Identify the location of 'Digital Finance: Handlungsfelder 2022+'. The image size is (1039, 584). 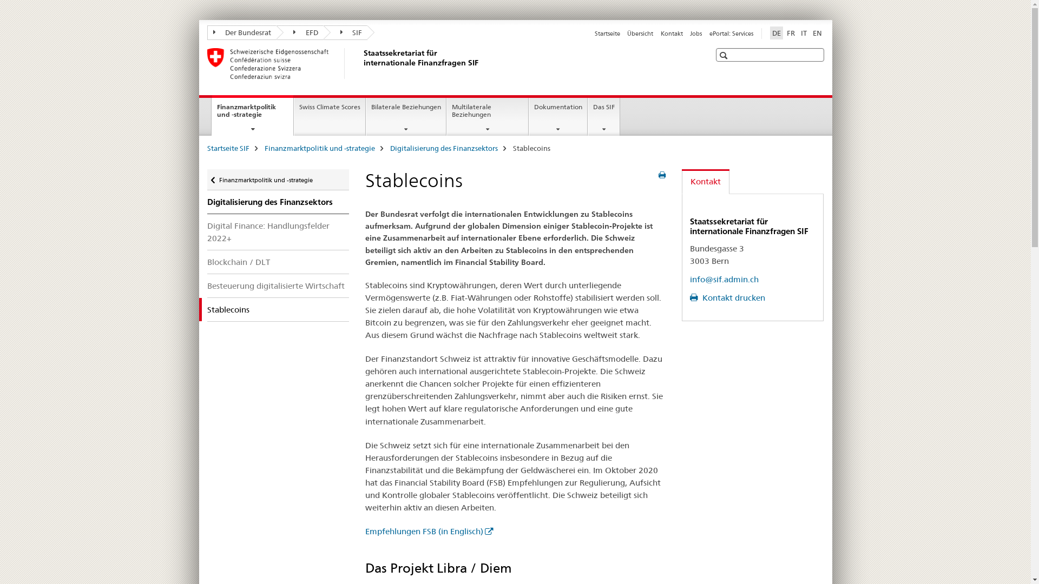
(278, 231).